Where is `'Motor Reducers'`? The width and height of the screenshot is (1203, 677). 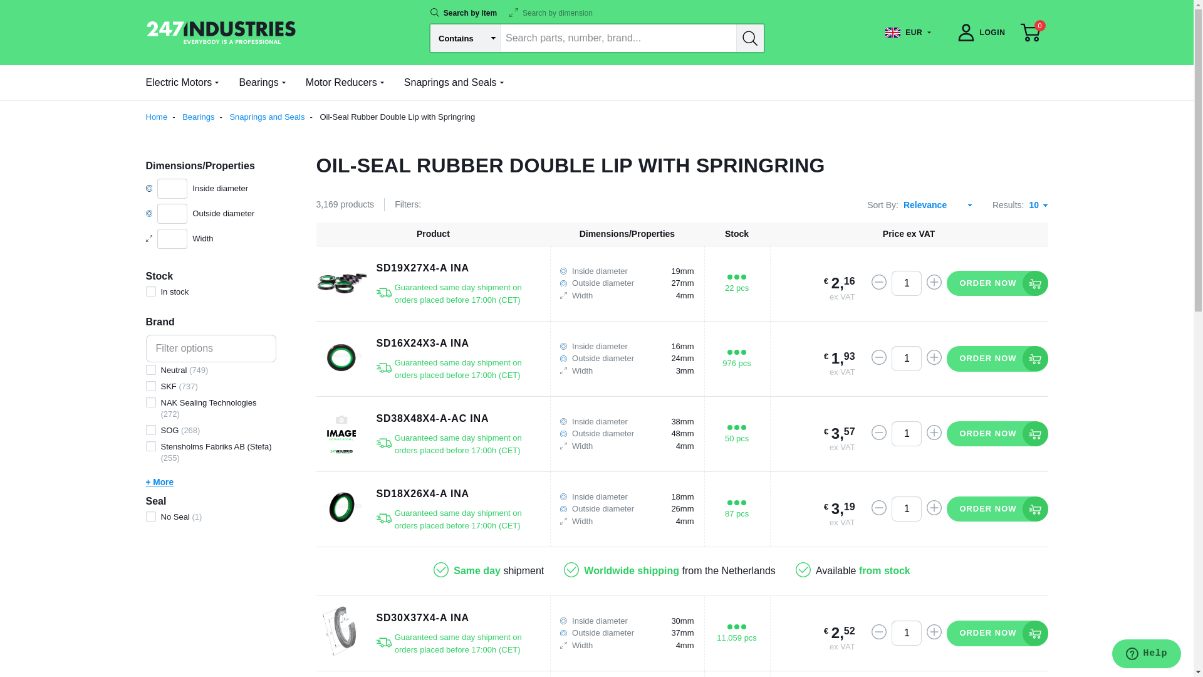 'Motor Reducers' is located at coordinates (345, 82).